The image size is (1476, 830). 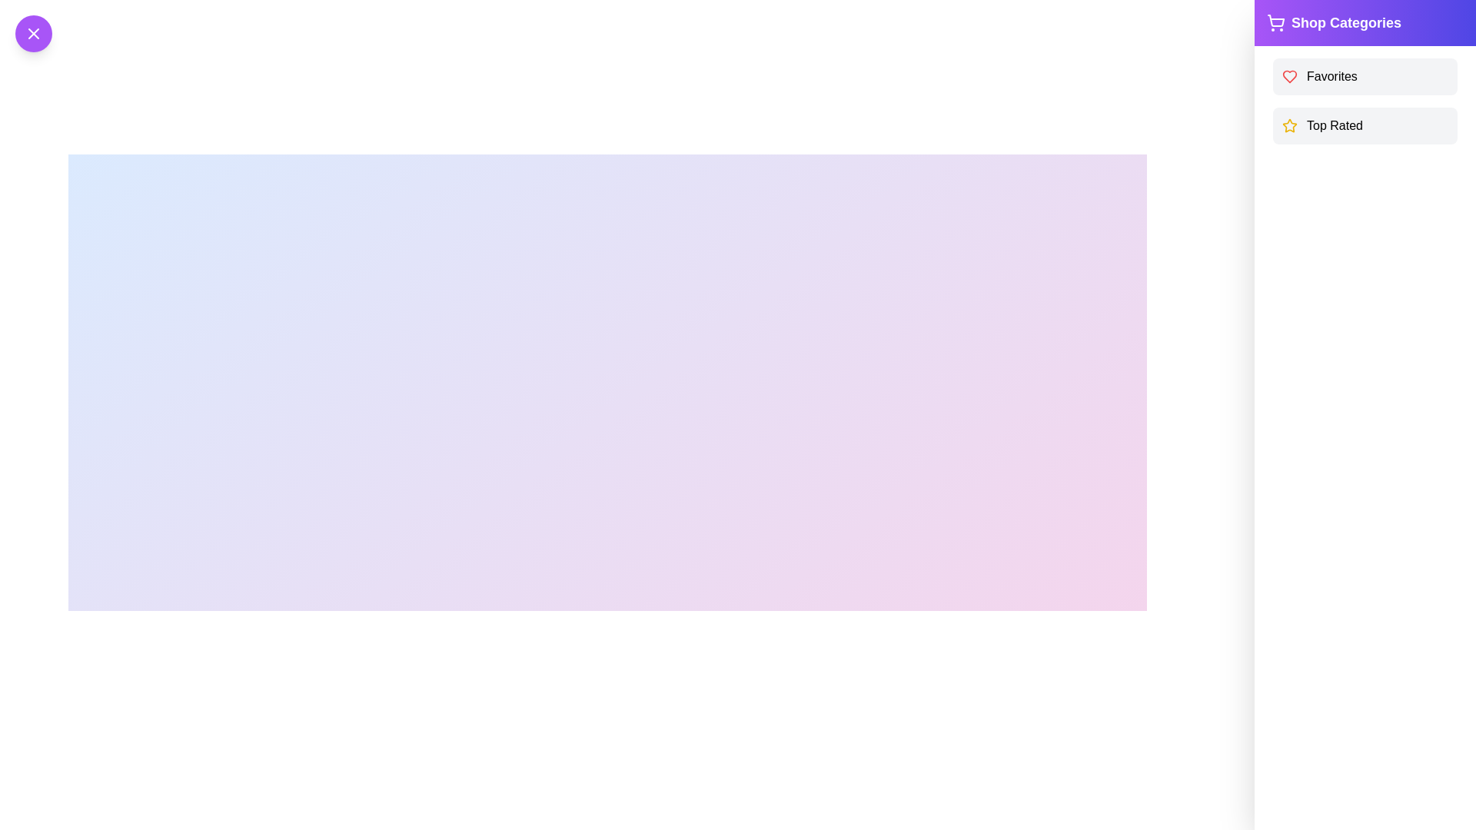 What do you see at coordinates (1365, 125) in the screenshot?
I see `the Top Rated list item to observe the hover effect` at bounding box center [1365, 125].